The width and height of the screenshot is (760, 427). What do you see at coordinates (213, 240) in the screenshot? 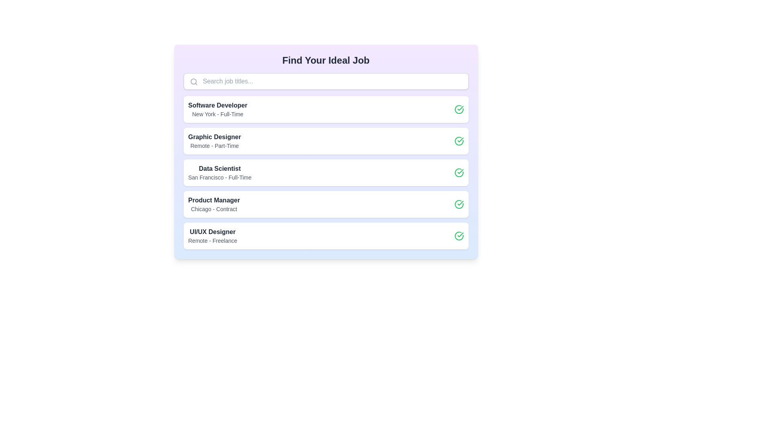
I see `text label that contains 'Remote - Freelance', which is styled in a smaller font size and gray color, located directly beneath the bold job title 'UI/UX Designer'` at bounding box center [213, 240].